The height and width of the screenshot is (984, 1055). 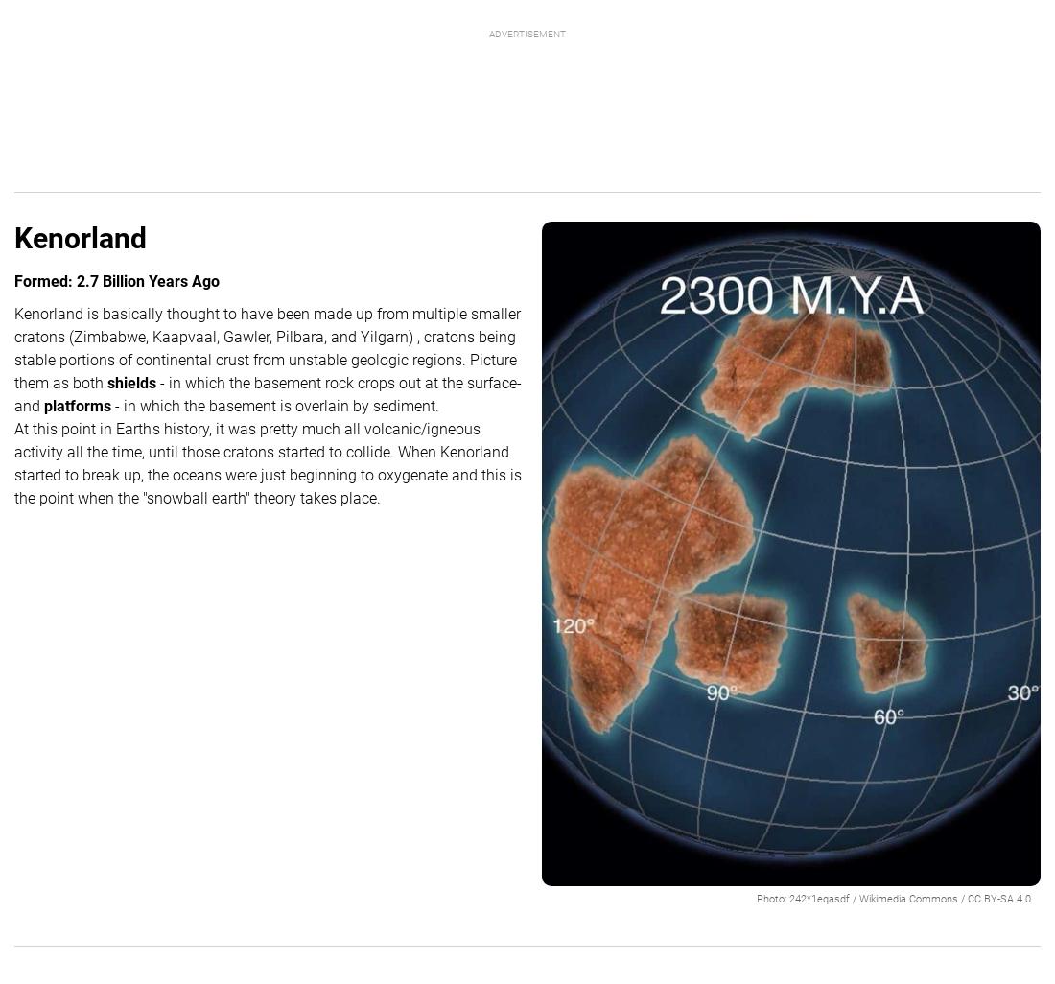 What do you see at coordinates (908, 898) in the screenshot?
I see `'Wikimedia Commons'` at bounding box center [908, 898].